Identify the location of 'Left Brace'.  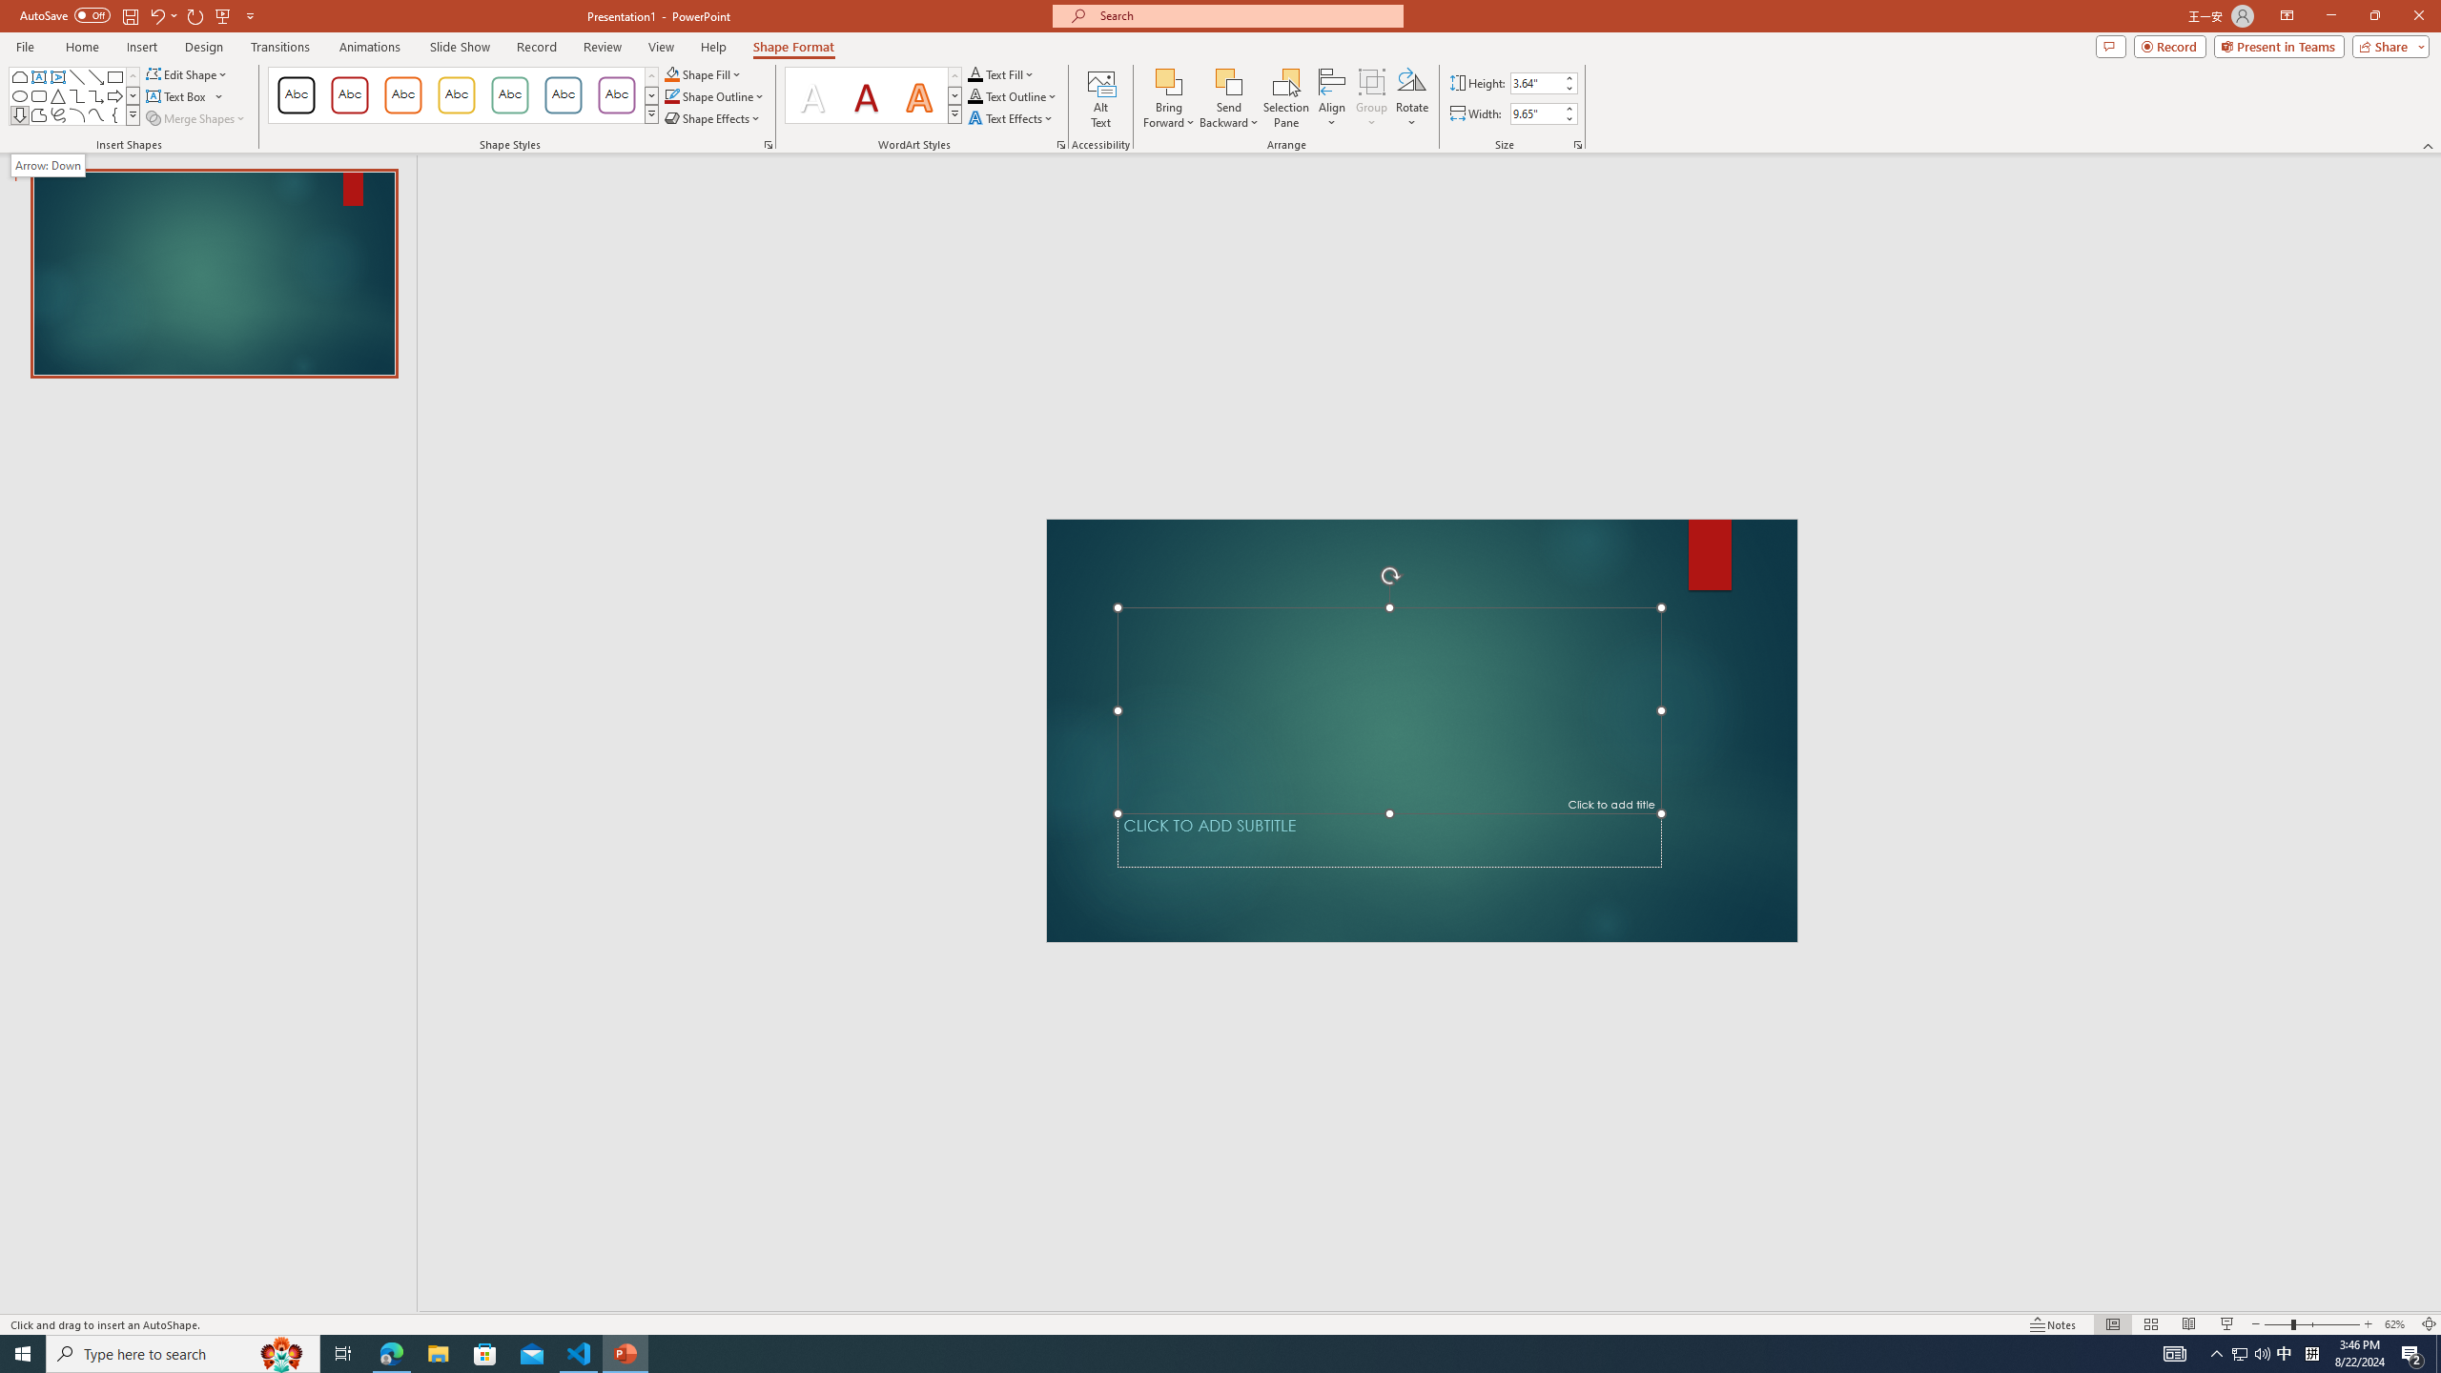
(113, 113).